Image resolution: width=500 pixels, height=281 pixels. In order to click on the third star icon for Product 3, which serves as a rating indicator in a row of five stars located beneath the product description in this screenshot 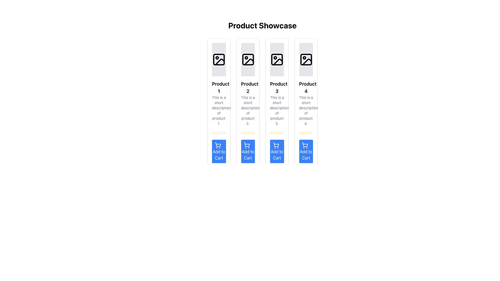, I will do `click(279, 132)`.